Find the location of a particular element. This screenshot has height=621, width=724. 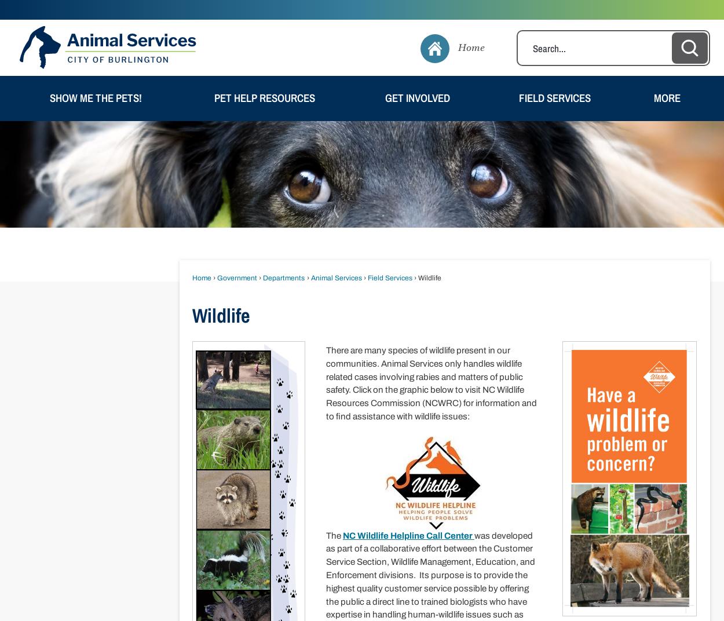

'Departments' is located at coordinates (283, 278).